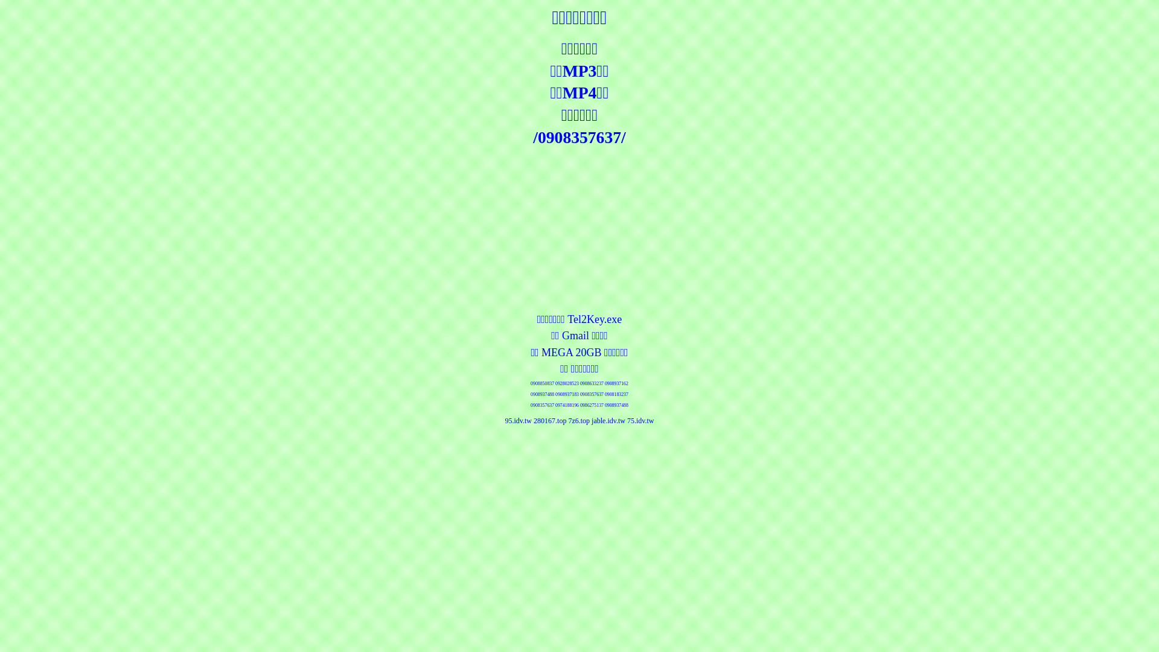 This screenshot has width=1159, height=652. I want to click on '75.idv.tw', so click(640, 420).